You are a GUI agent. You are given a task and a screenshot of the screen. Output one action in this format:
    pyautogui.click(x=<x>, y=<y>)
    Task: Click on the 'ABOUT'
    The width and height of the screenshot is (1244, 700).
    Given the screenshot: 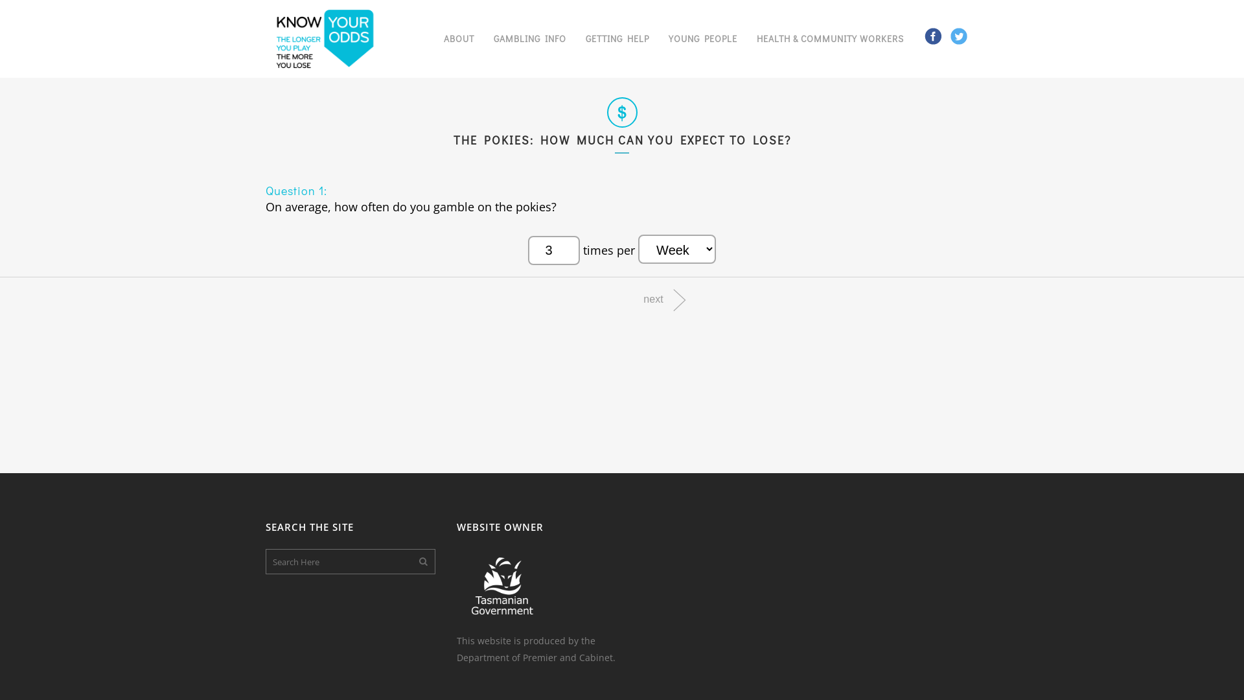 What is the action you would take?
    pyautogui.click(x=459, y=38)
    